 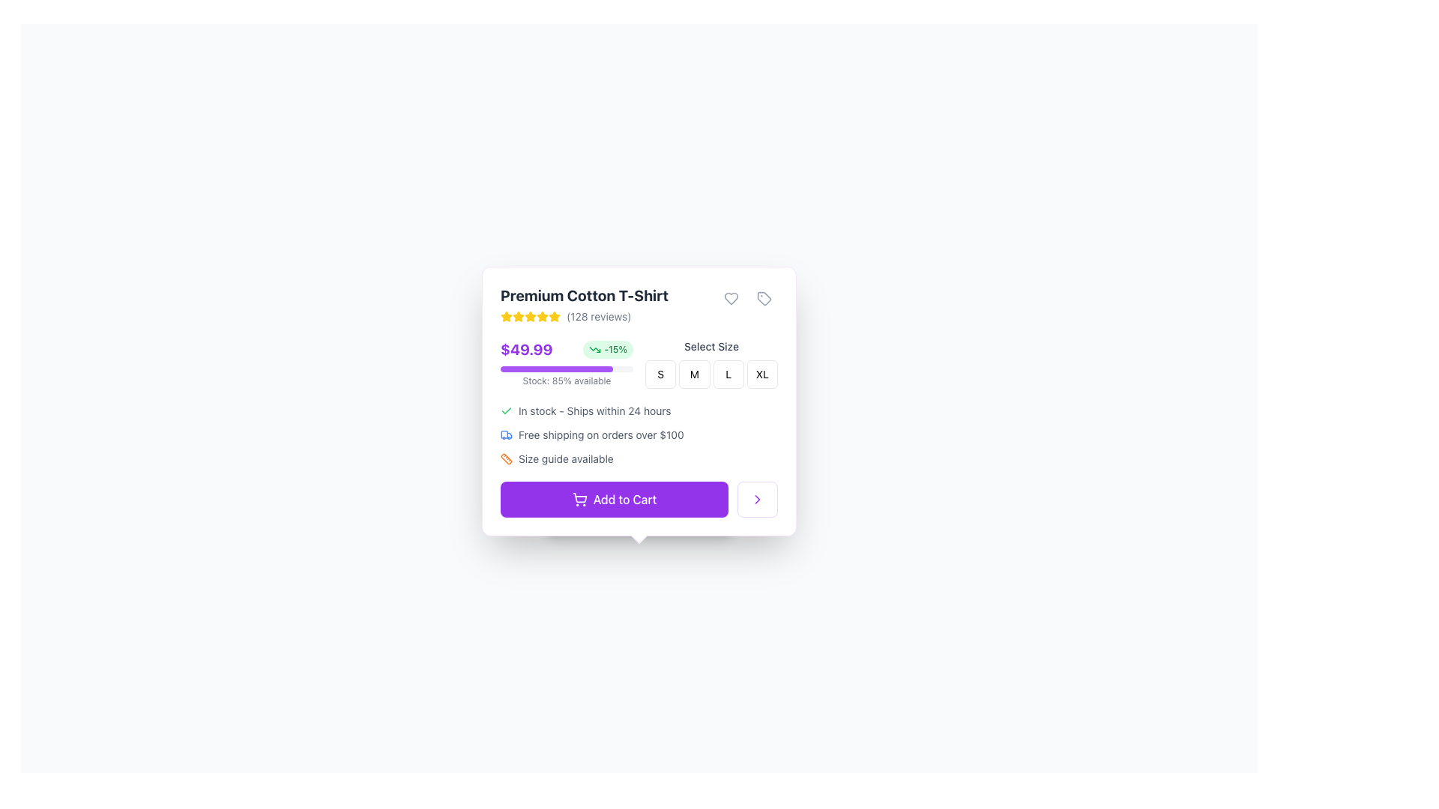 I want to click on the heart-shaped icon button located to the right of the 'Premium Cotton T-Shirt' title, which serves as a quick-action button for marking favorites, so click(x=731, y=298).